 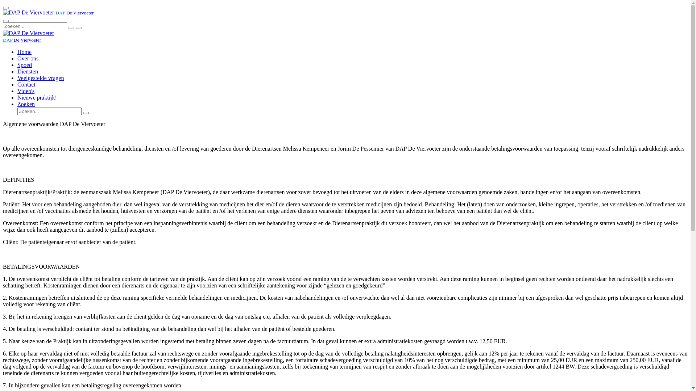 What do you see at coordinates (26, 84) in the screenshot?
I see `'Contact'` at bounding box center [26, 84].